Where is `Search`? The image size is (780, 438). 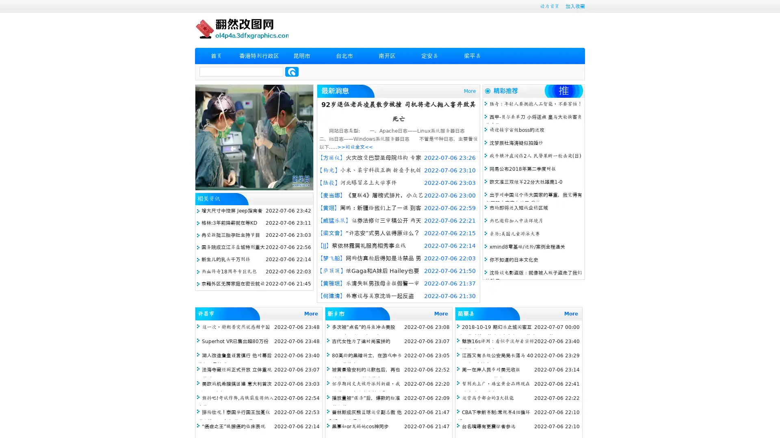
Search is located at coordinates (292, 71).